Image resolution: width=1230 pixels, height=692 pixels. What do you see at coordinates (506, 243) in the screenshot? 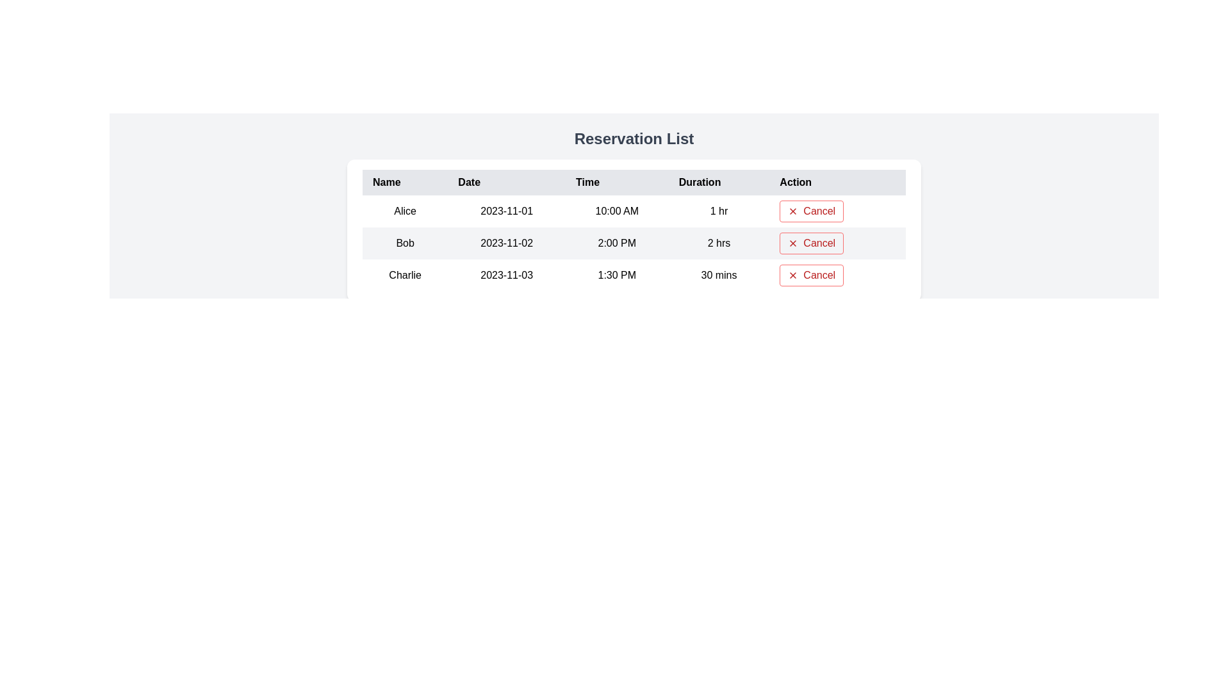
I see `the static text display that shows the date for the reservation entry next to 'Bob' in the second row and second column` at bounding box center [506, 243].